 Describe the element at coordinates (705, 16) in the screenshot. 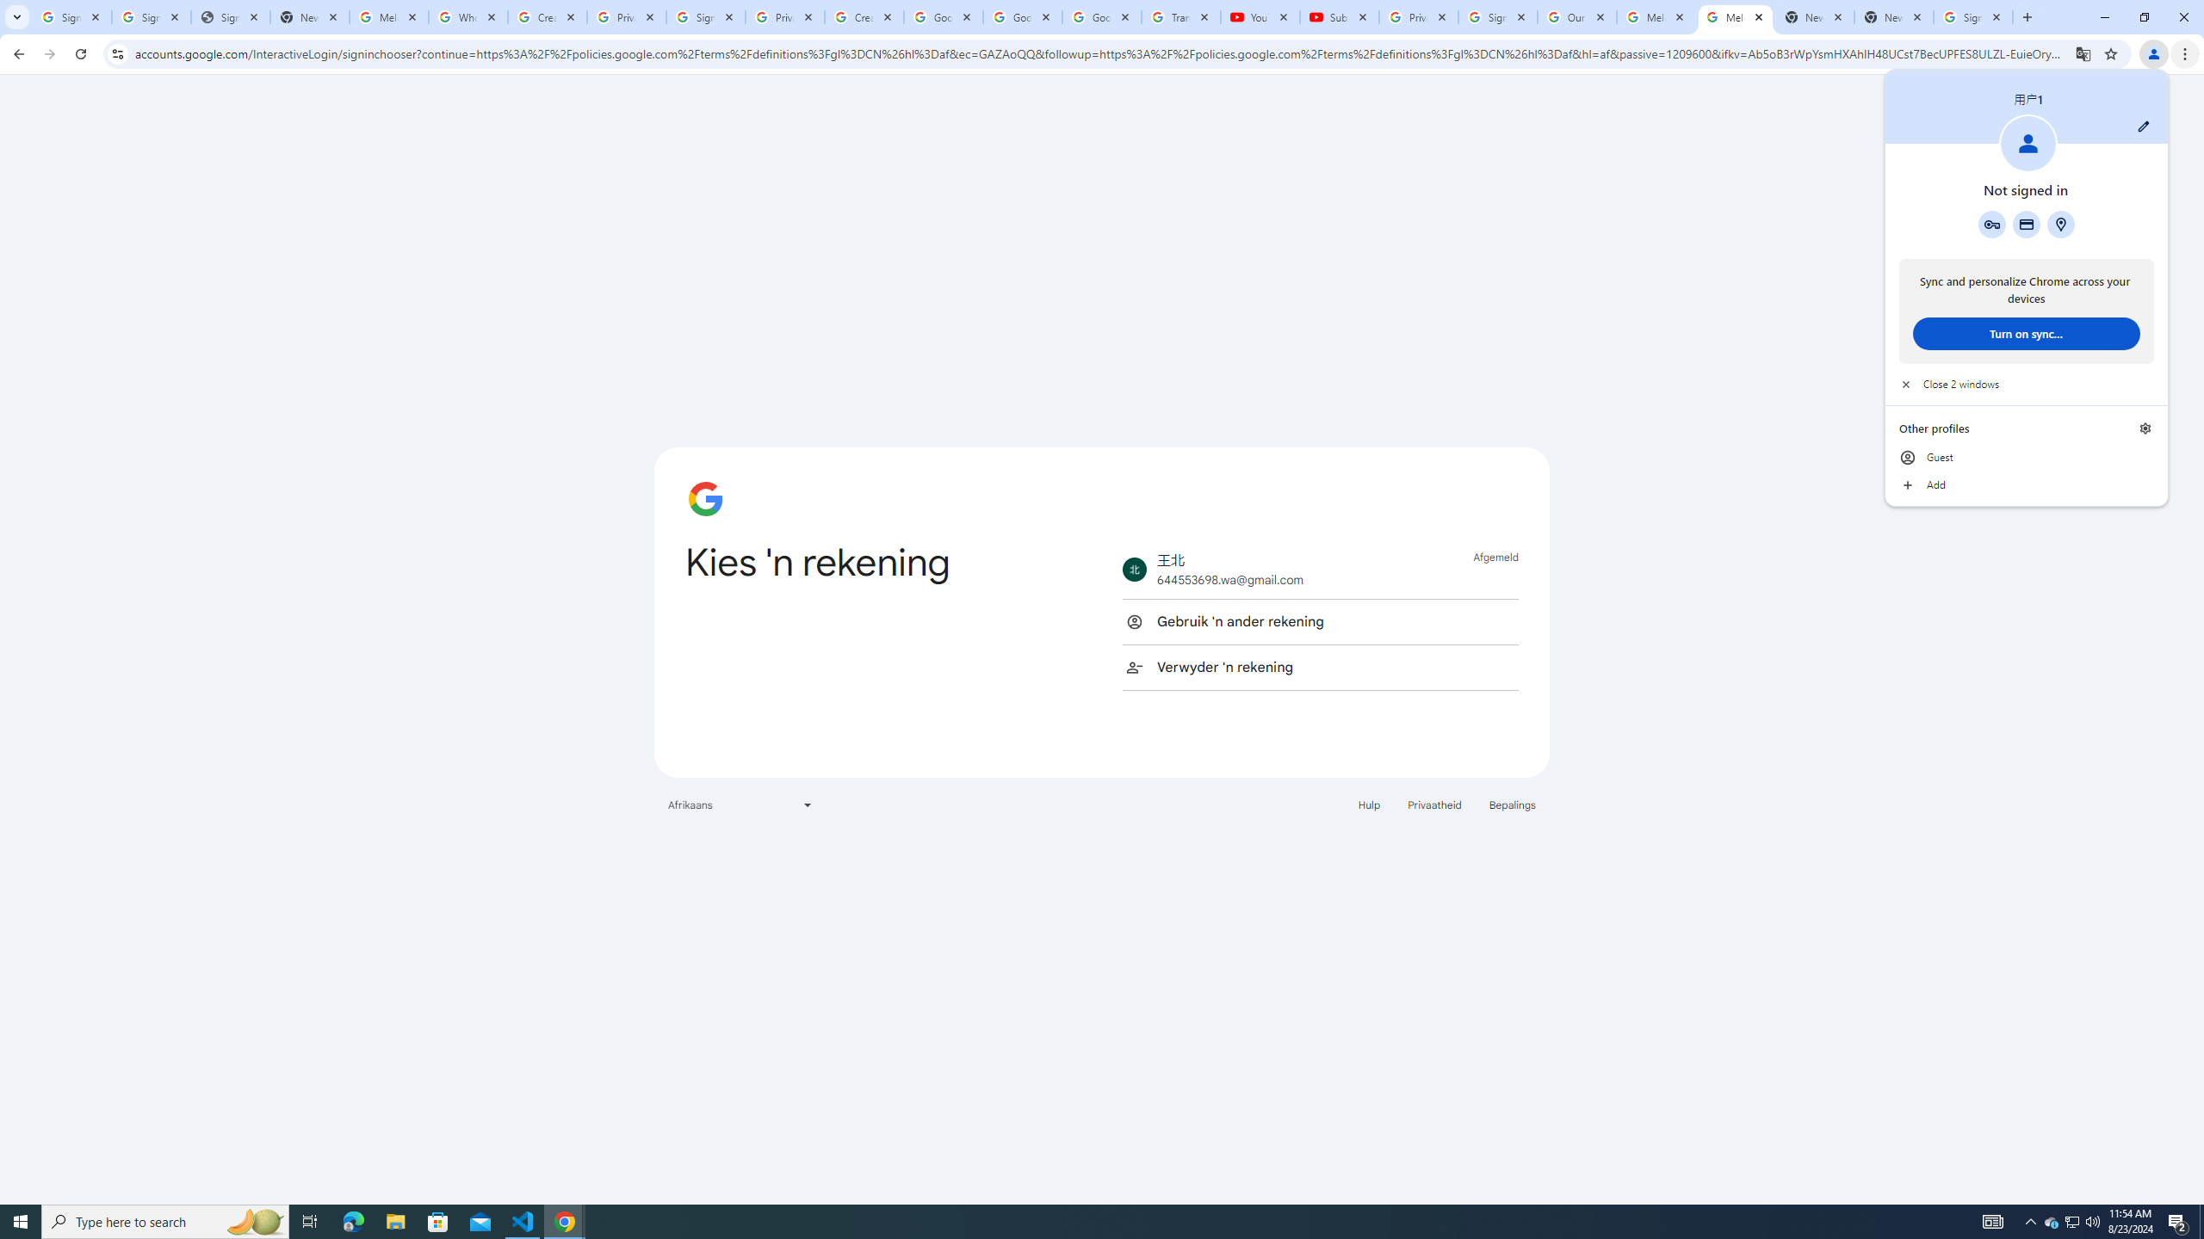

I see `'Sign in - Google Accounts'` at that location.